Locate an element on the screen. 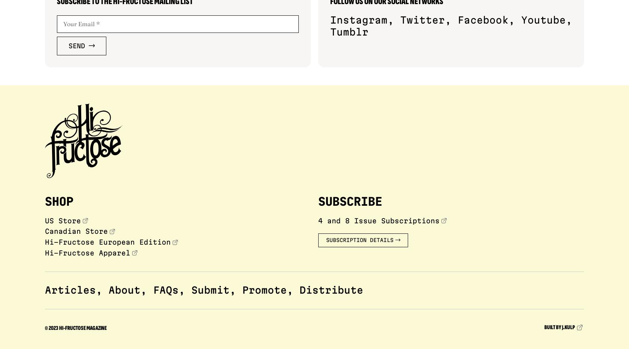 Image resolution: width=629 pixels, height=349 pixels. 'Instagram' is located at coordinates (359, 19).